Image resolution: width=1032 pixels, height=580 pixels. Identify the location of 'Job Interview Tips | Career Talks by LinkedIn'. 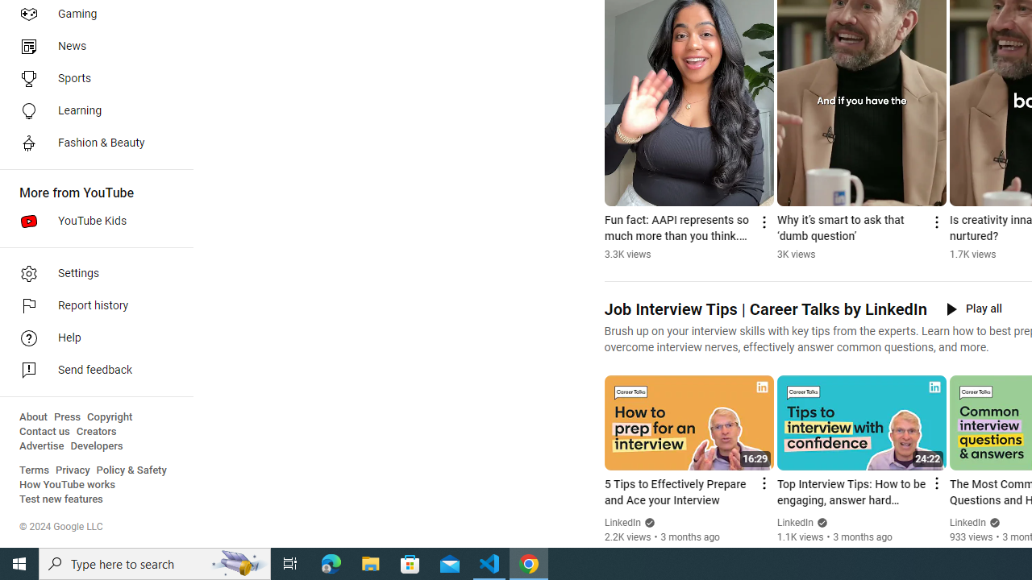
(764, 309).